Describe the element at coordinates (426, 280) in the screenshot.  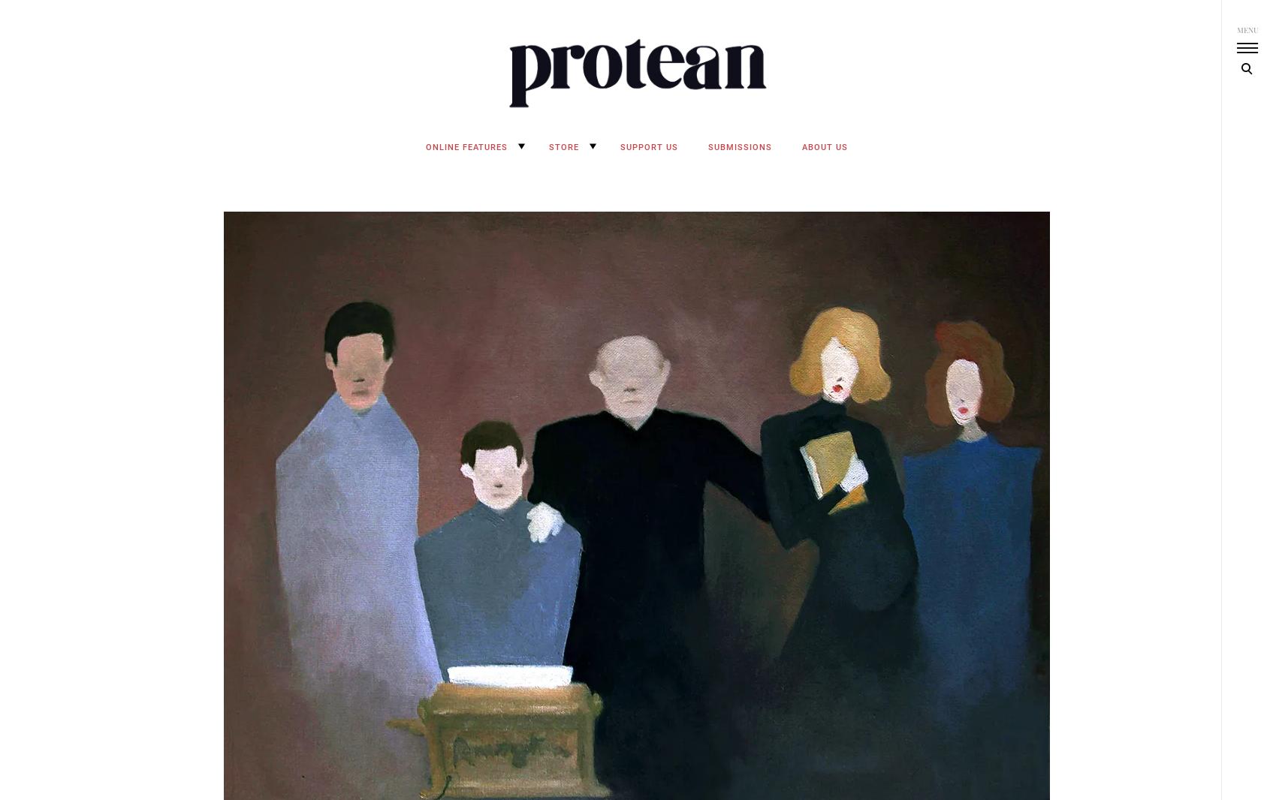
I see `'Fiction'` at that location.